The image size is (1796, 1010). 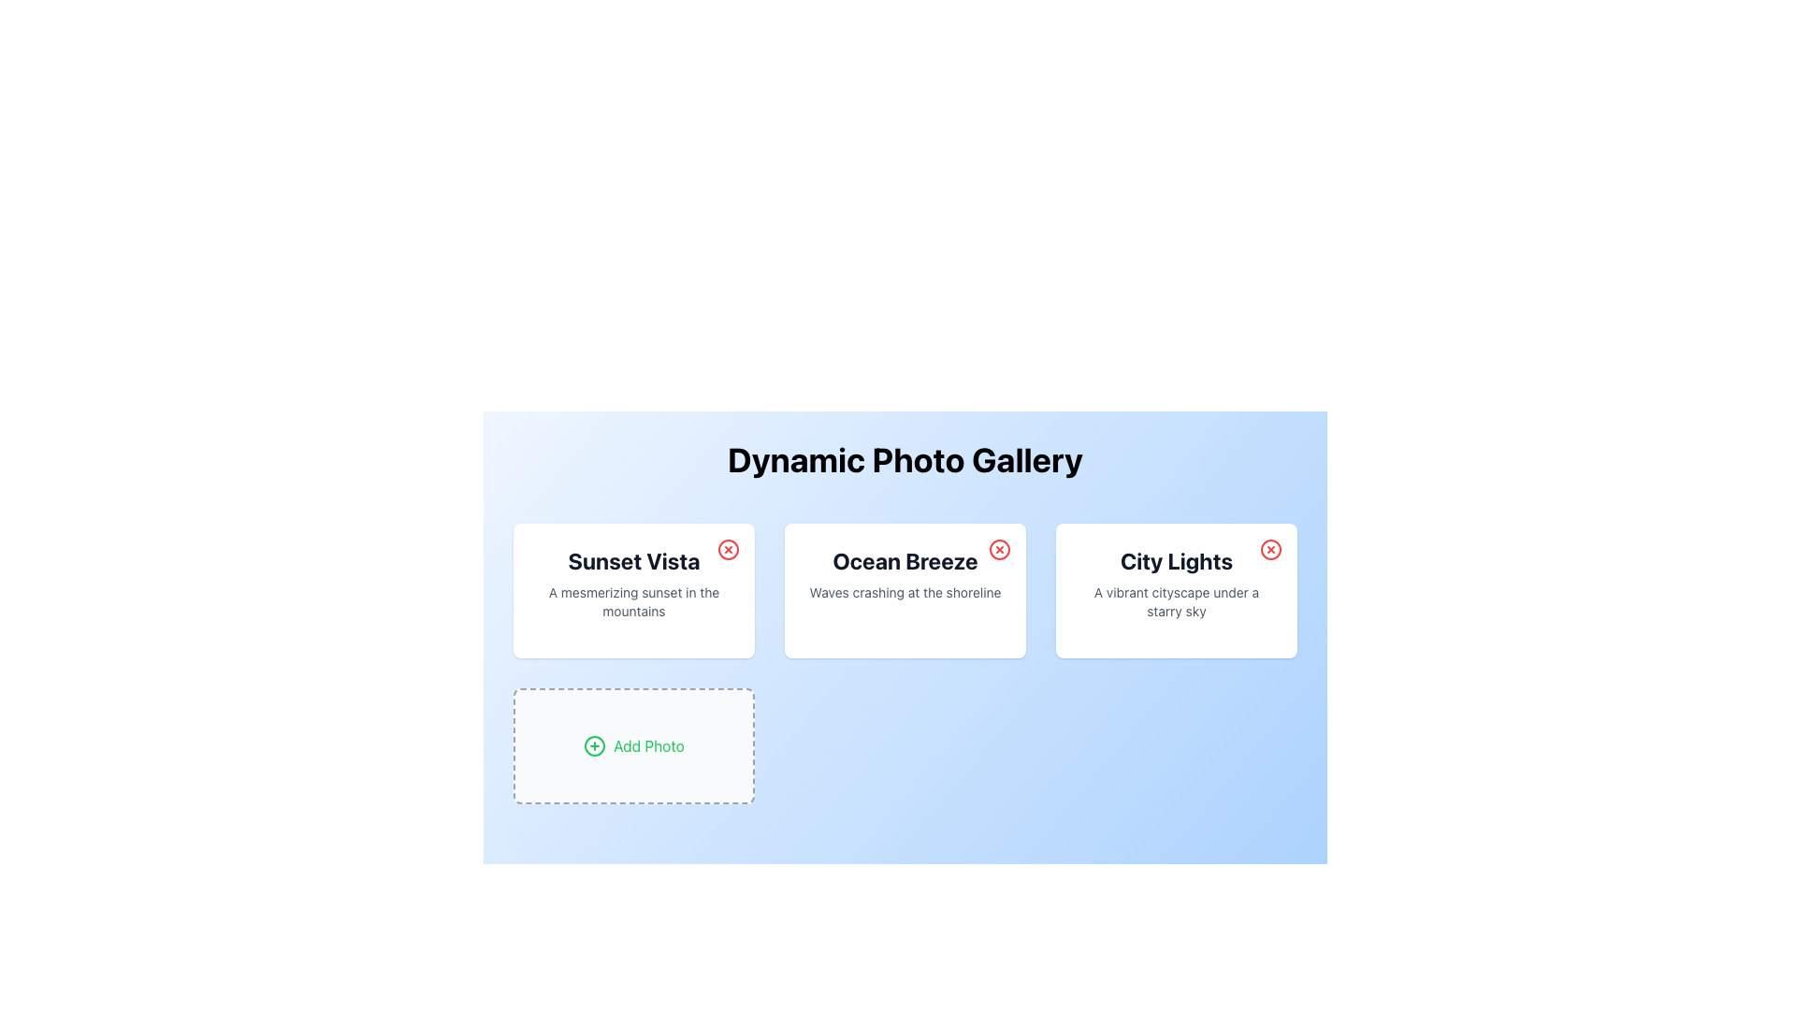 I want to click on the text label or heading that serves as a title for a content card, which is centrally aligned and located in the middle card of a group of three cards, so click(x=905, y=560).